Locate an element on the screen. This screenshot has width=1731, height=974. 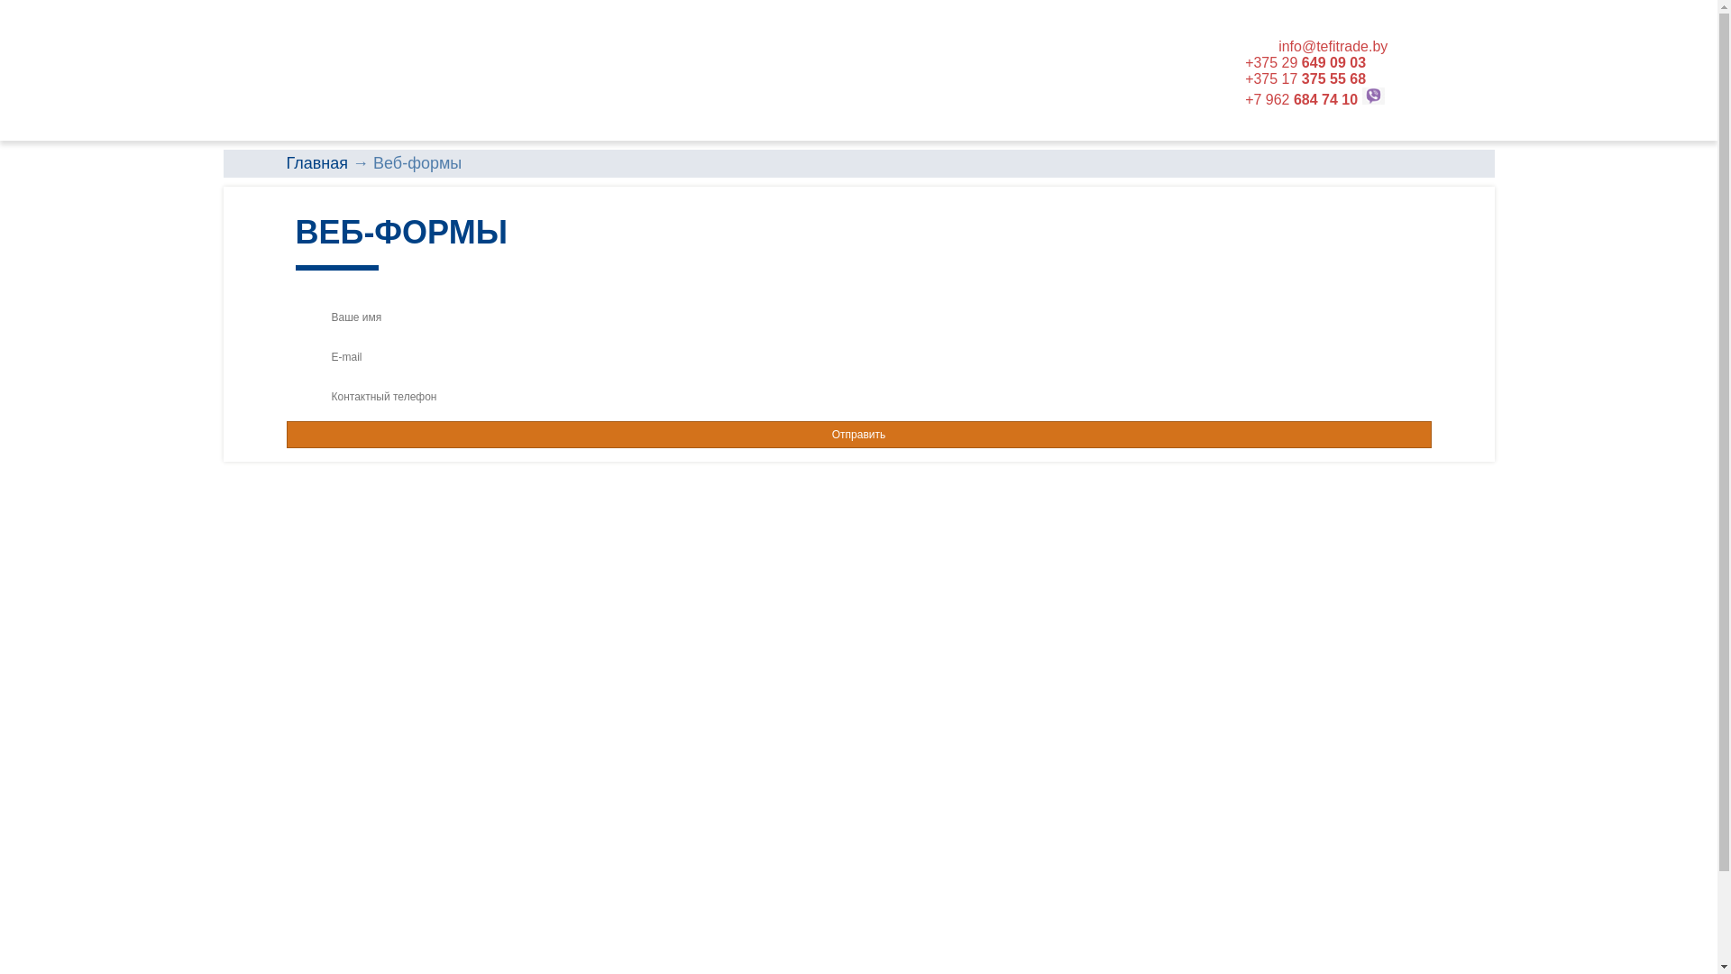
'+375 17 375 55 68' is located at coordinates (1305, 78).